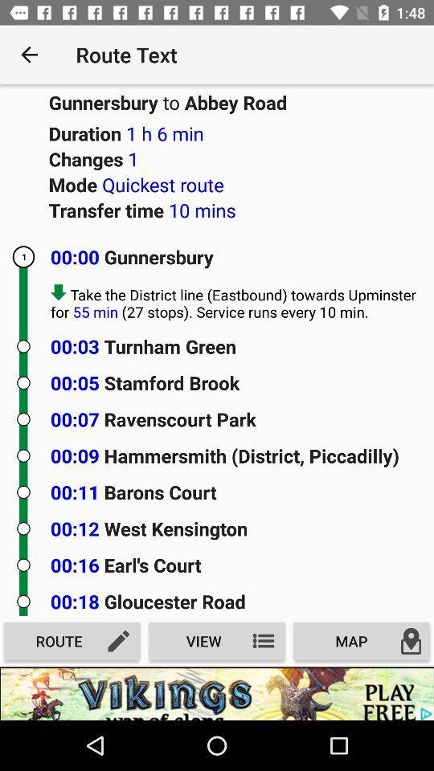  Describe the element at coordinates (361, 641) in the screenshot. I see `map on the right side of view` at that location.